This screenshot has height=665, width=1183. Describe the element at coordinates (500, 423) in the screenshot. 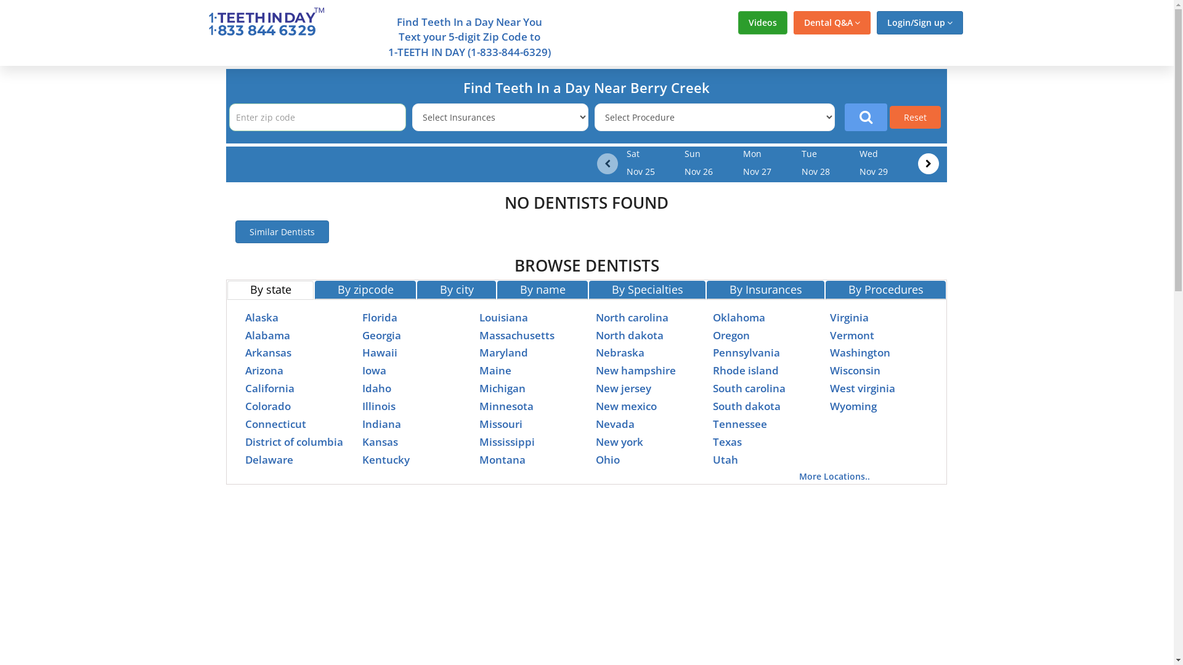

I see `'Missouri'` at that location.